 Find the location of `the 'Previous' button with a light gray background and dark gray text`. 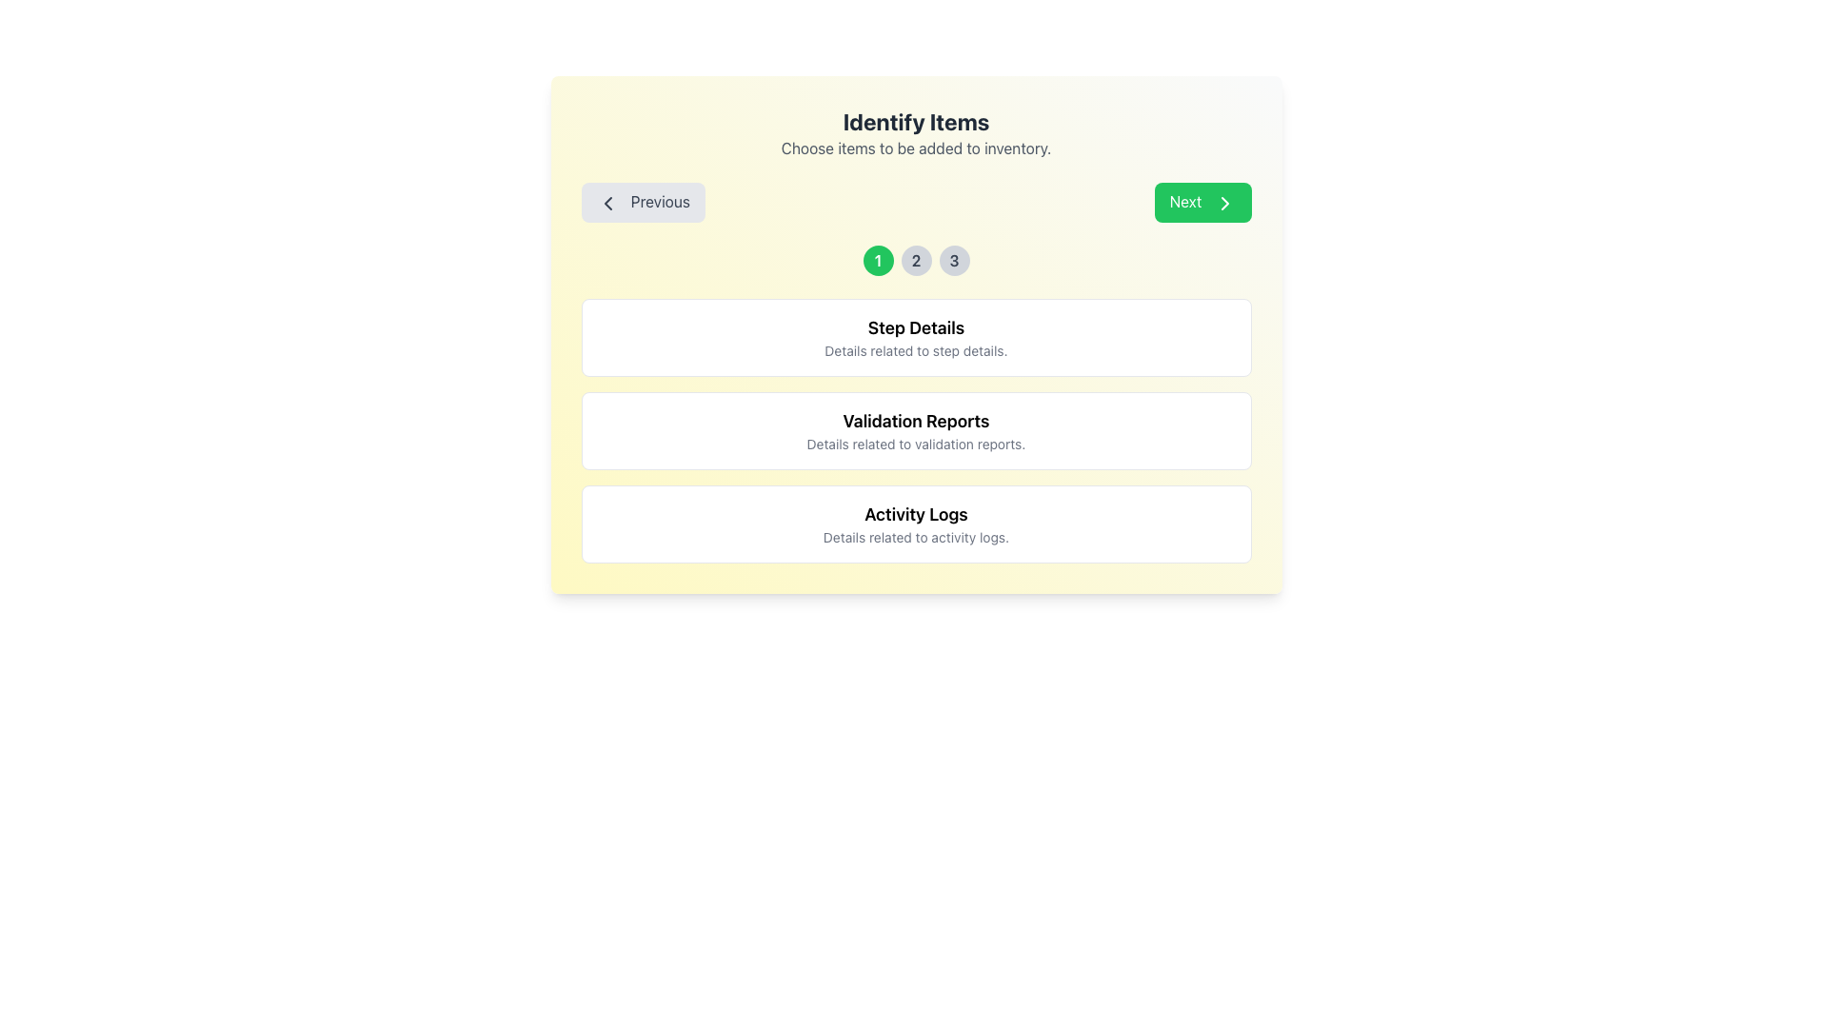

the 'Previous' button with a light gray background and dark gray text is located at coordinates (643, 202).